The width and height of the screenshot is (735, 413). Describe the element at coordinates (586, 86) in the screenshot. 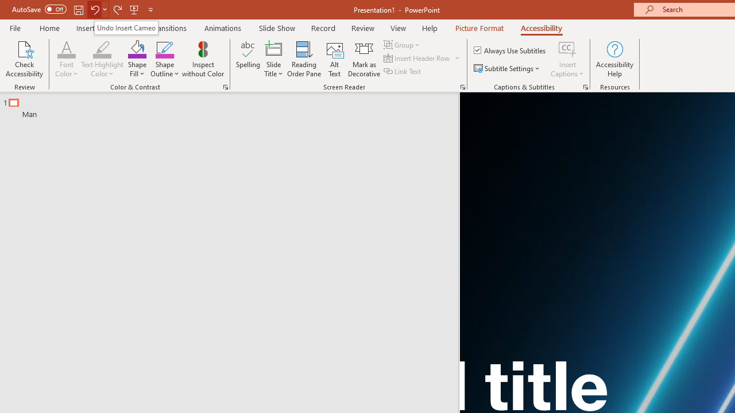

I see `'Captions & Subtitles'` at that location.